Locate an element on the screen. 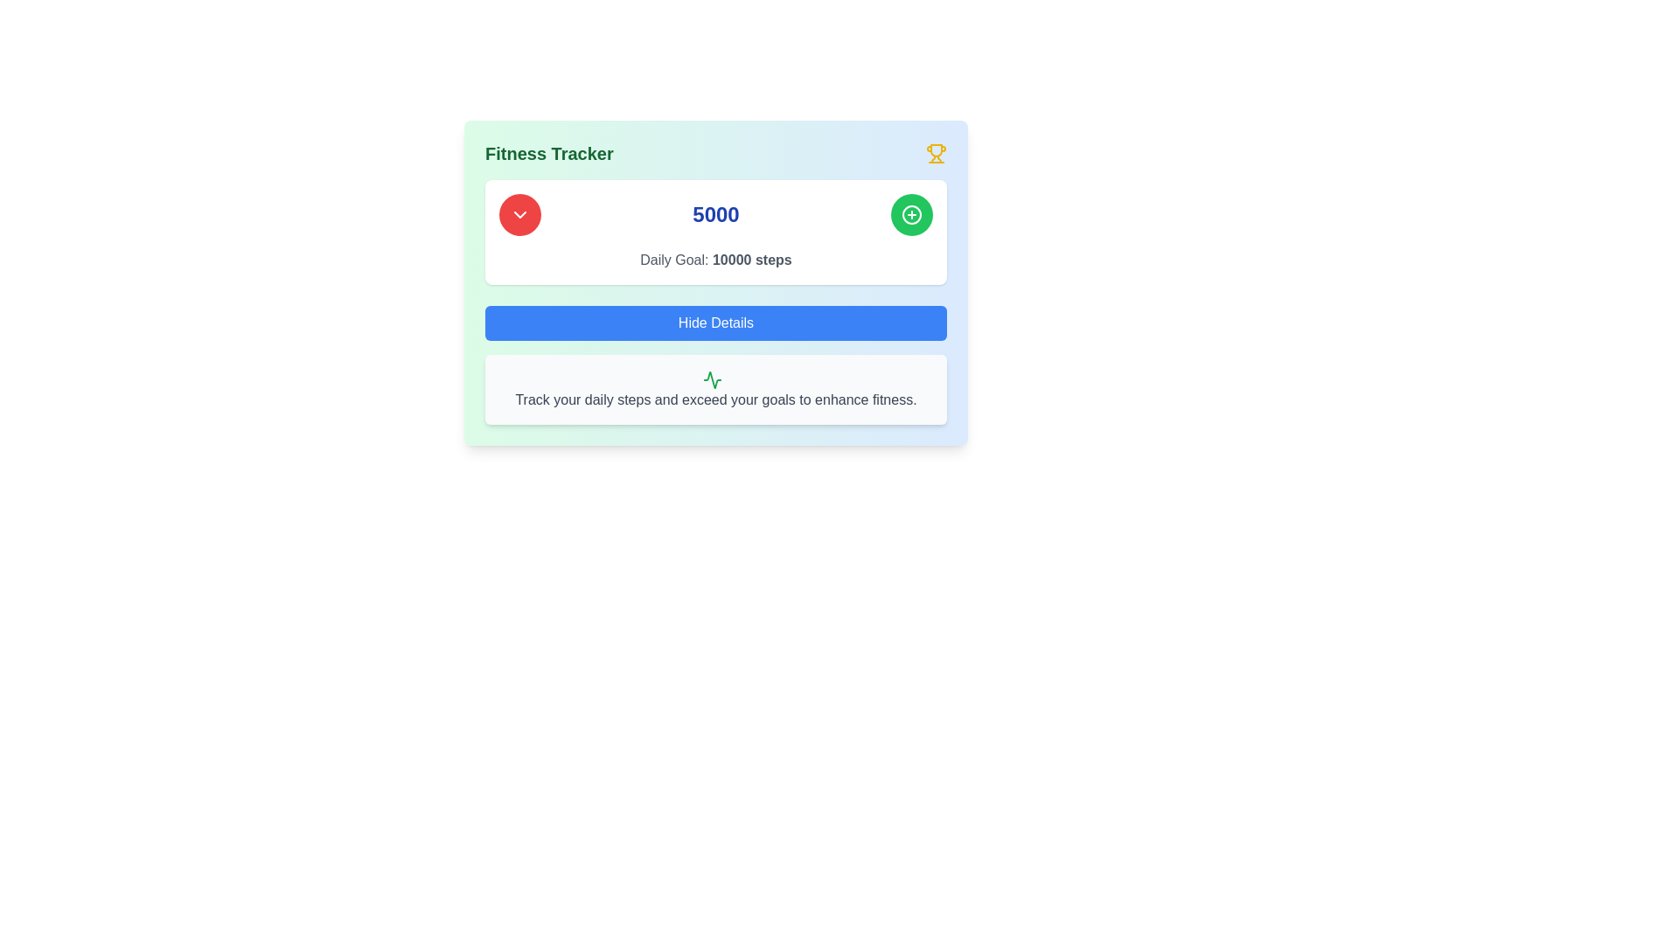 The height and width of the screenshot is (944, 1679). displayed numeric value of the current progress count in the fitness tracking application, which is centrally aligned in the fitness tracker widget layout is located at coordinates (716, 214).